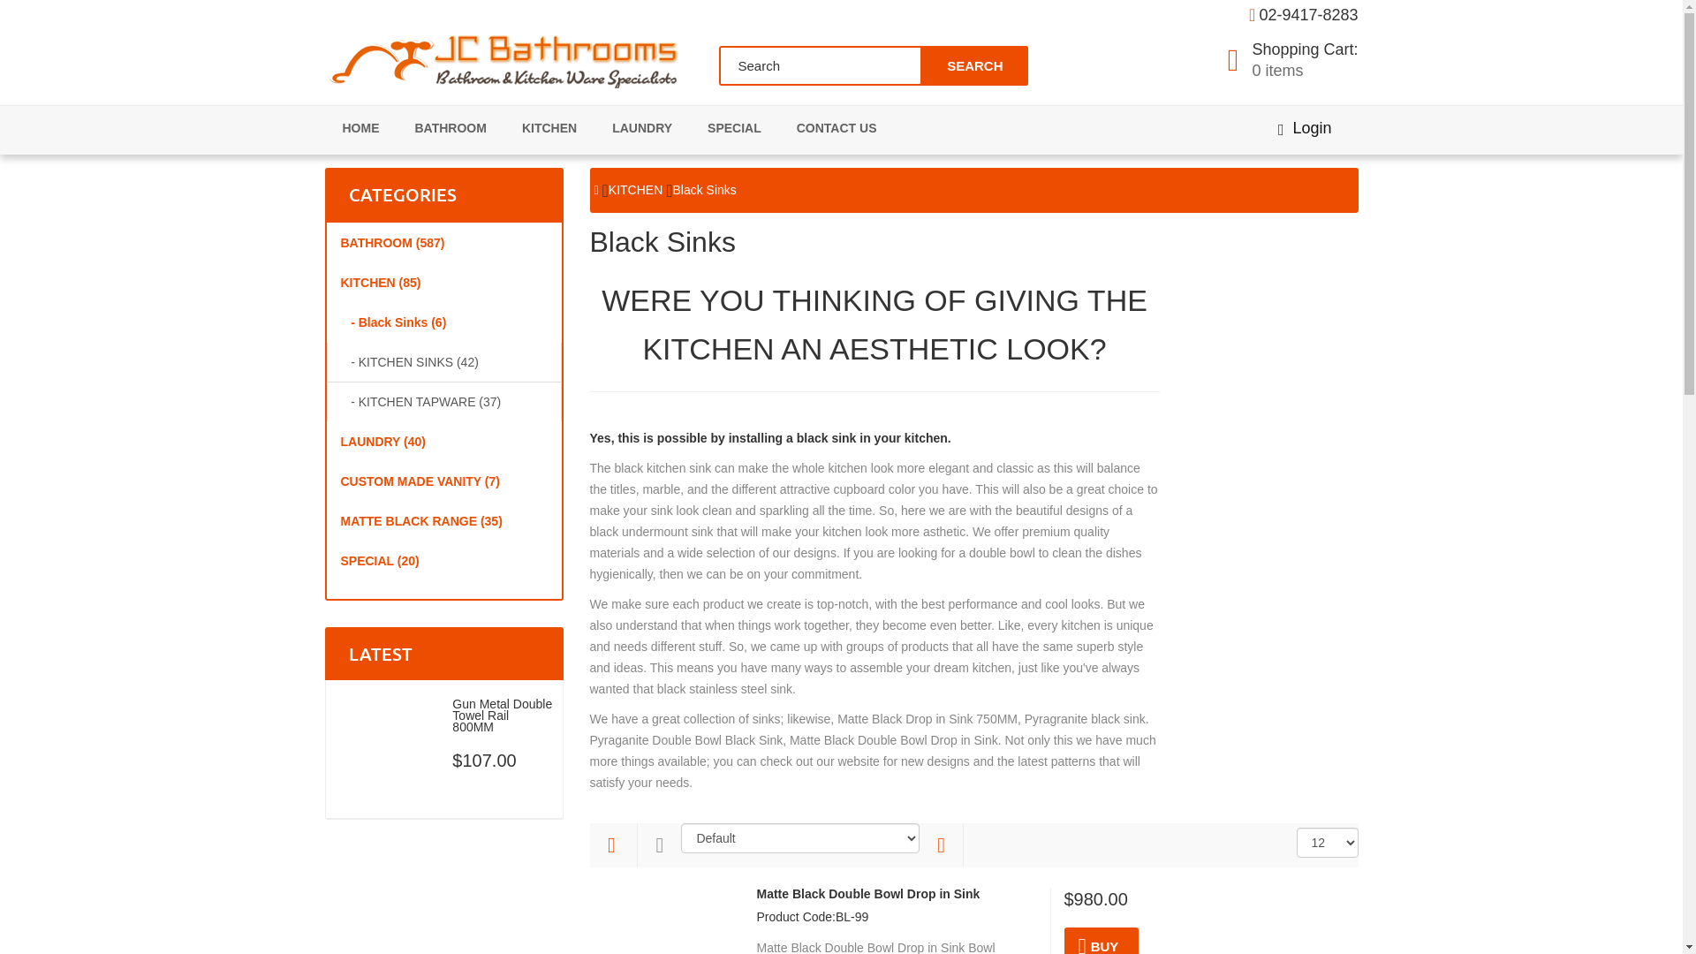  What do you see at coordinates (450, 127) in the screenshot?
I see `'BATHROOM'` at bounding box center [450, 127].